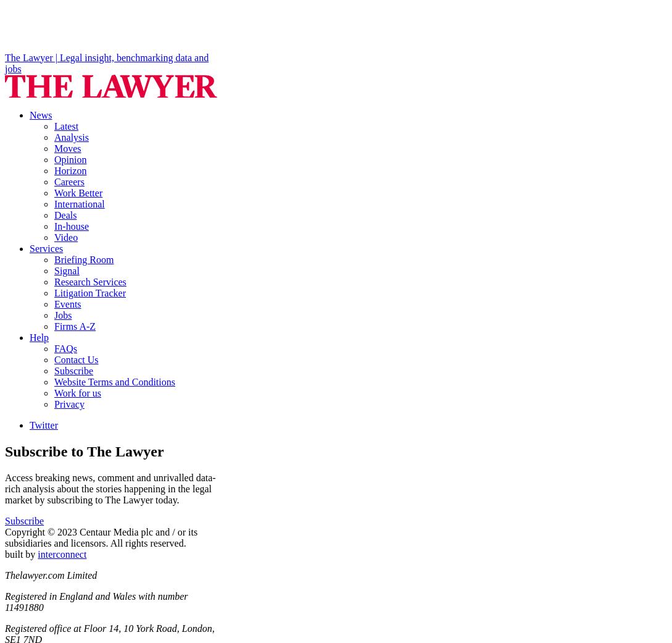 Image resolution: width=672 pixels, height=643 pixels. I want to click on 'International', so click(79, 204).